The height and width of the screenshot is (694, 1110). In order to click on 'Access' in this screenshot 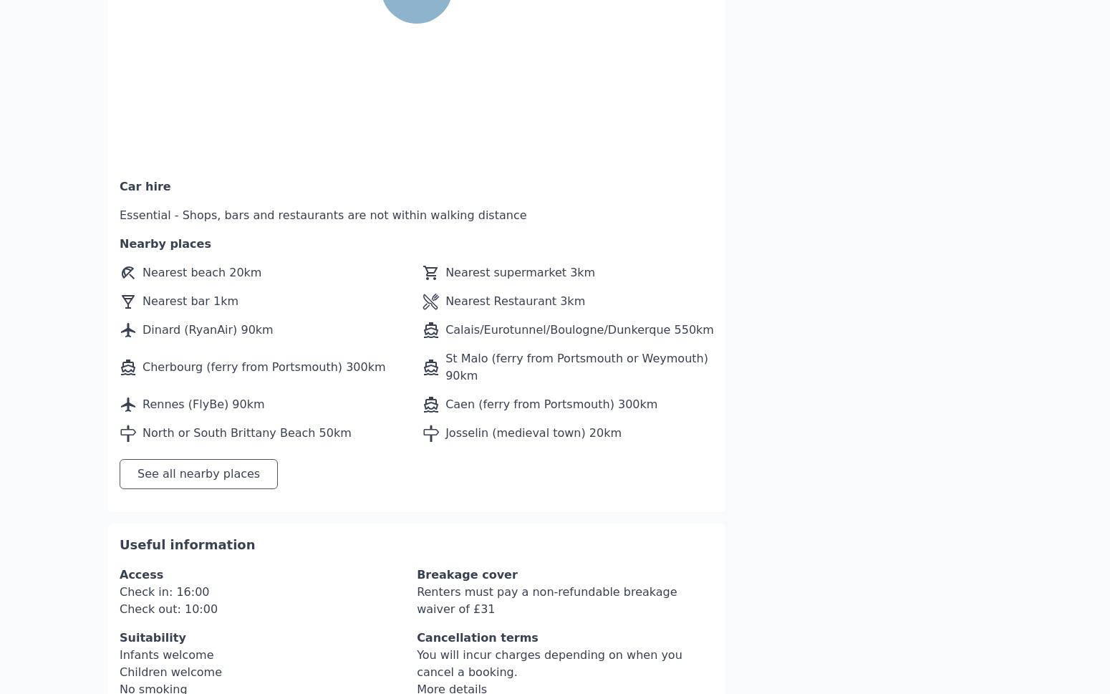, I will do `click(140, 531)`.